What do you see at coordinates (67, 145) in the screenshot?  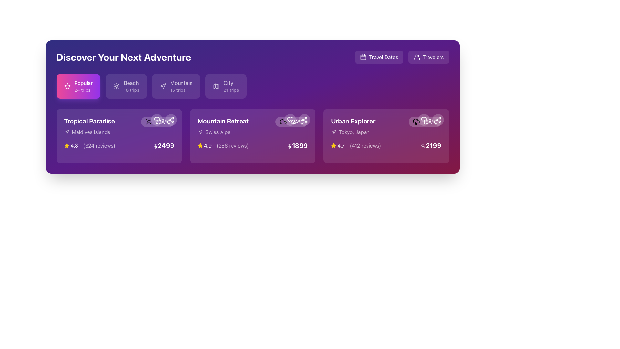 I see `the yellow star-shaped icon located to the left of the 'Popular' label in the trip category options` at bounding box center [67, 145].